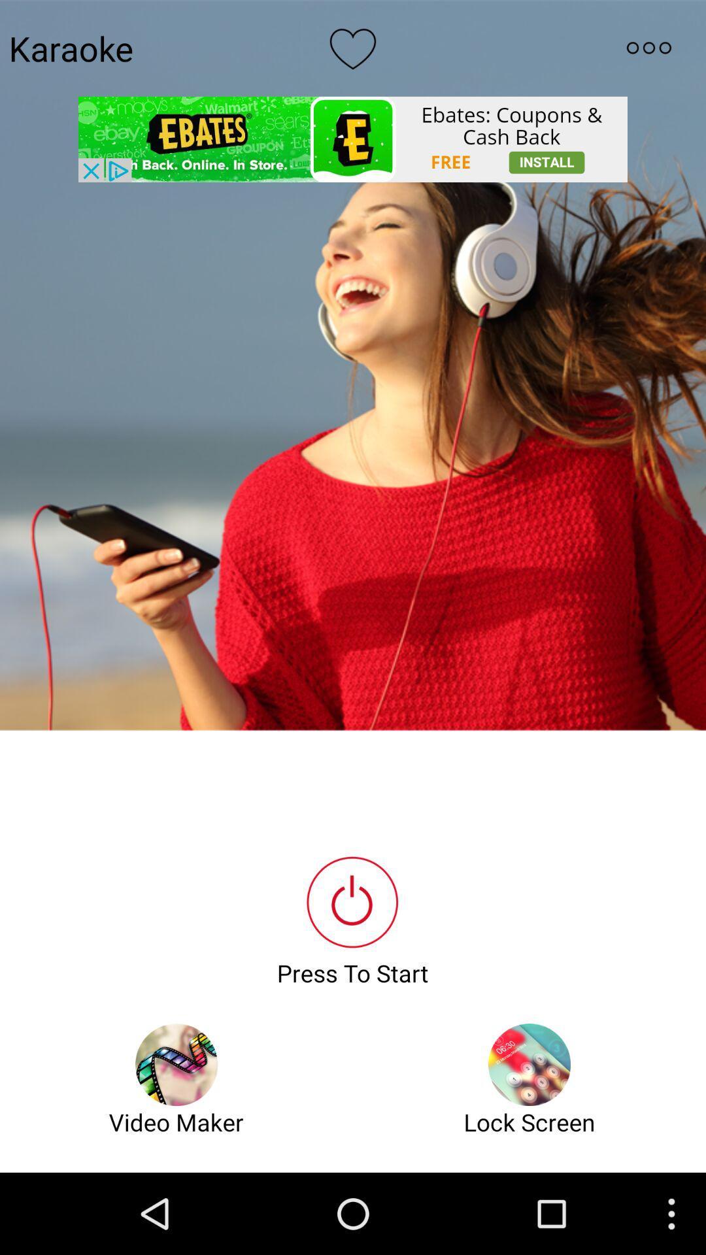 This screenshot has height=1255, width=706. Describe the element at coordinates (648, 48) in the screenshot. I see `switch` at that location.